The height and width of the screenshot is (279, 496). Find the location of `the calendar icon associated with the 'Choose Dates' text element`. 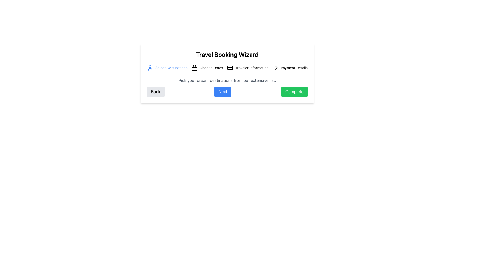

the calendar icon associated with the 'Choose Dates' text element is located at coordinates (211, 67).